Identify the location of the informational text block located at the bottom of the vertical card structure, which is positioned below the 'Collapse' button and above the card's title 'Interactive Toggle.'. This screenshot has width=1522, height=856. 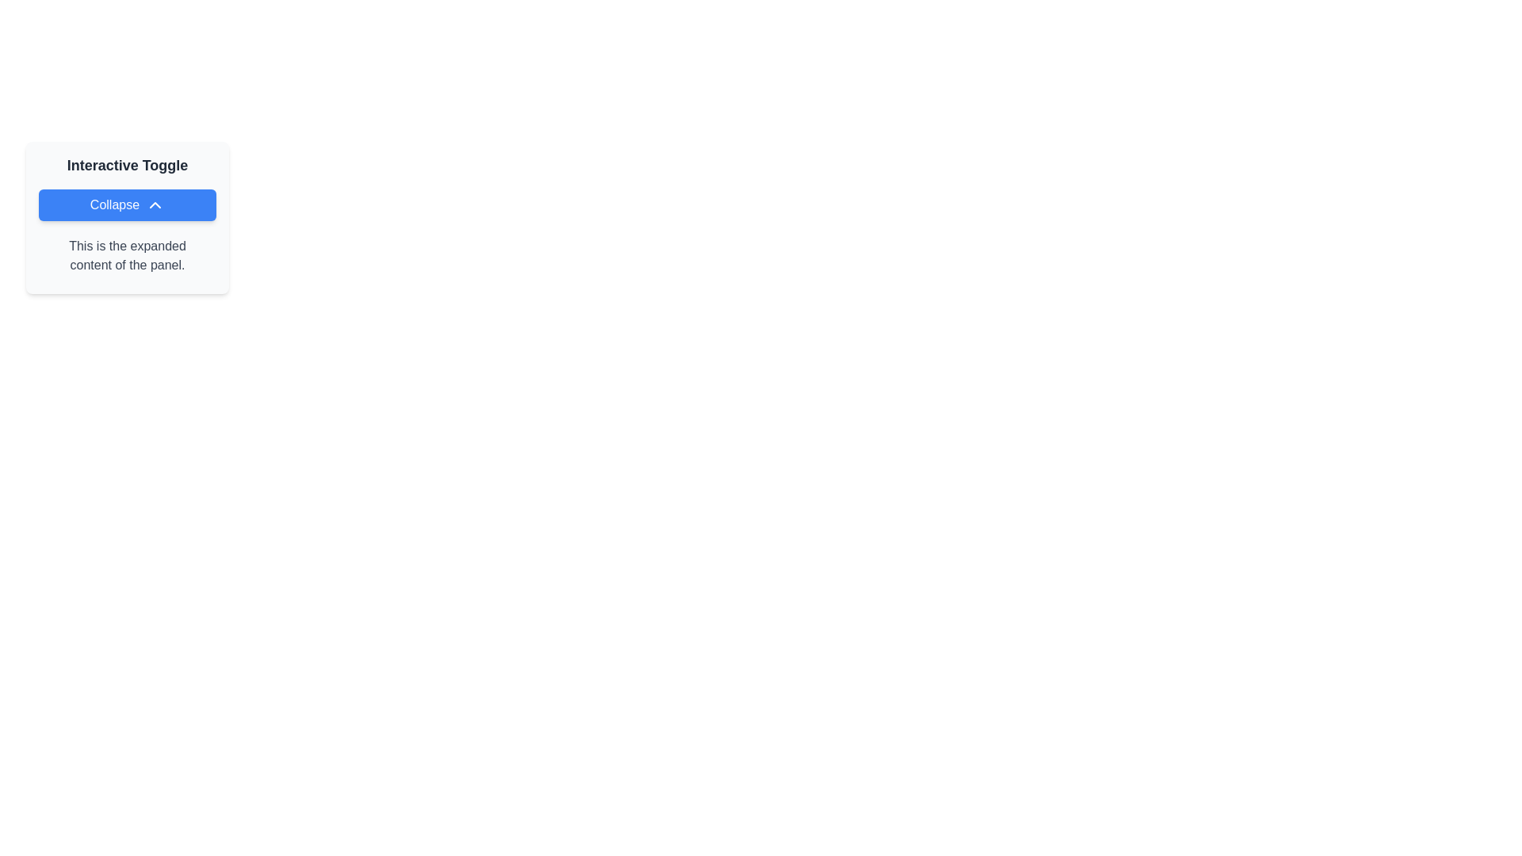
(128, 255).